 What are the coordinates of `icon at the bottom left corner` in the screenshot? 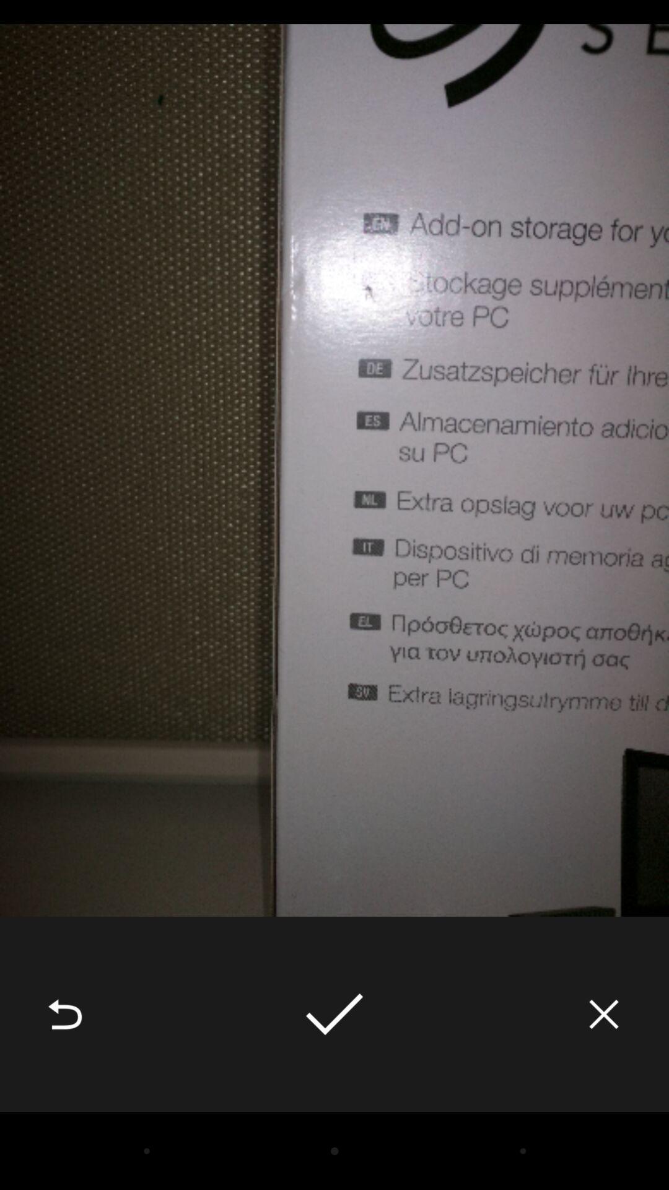 It's located at (64, 1014).